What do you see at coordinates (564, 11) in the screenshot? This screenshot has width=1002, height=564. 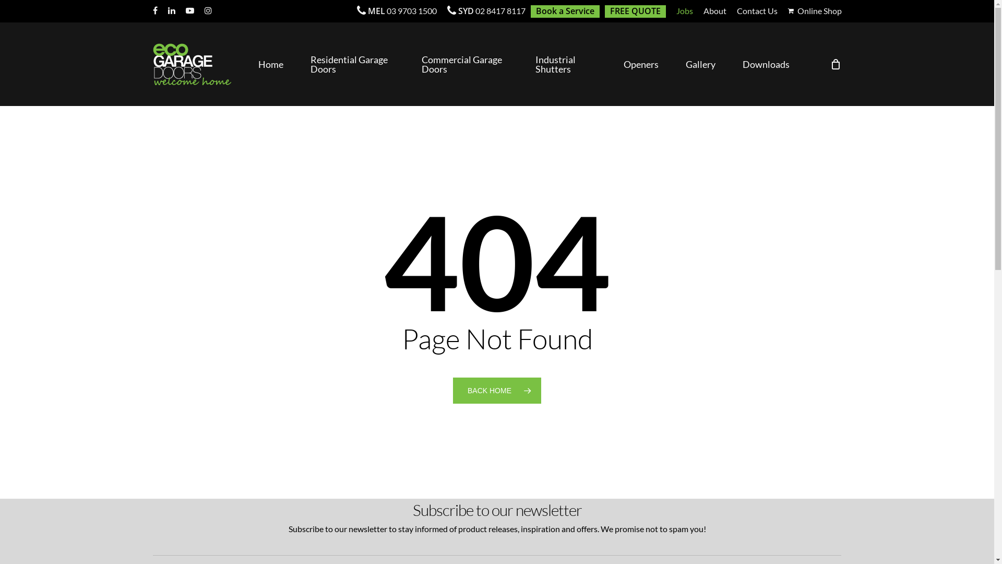 I see `'Book a Service'` at bounding box center [564, 11].